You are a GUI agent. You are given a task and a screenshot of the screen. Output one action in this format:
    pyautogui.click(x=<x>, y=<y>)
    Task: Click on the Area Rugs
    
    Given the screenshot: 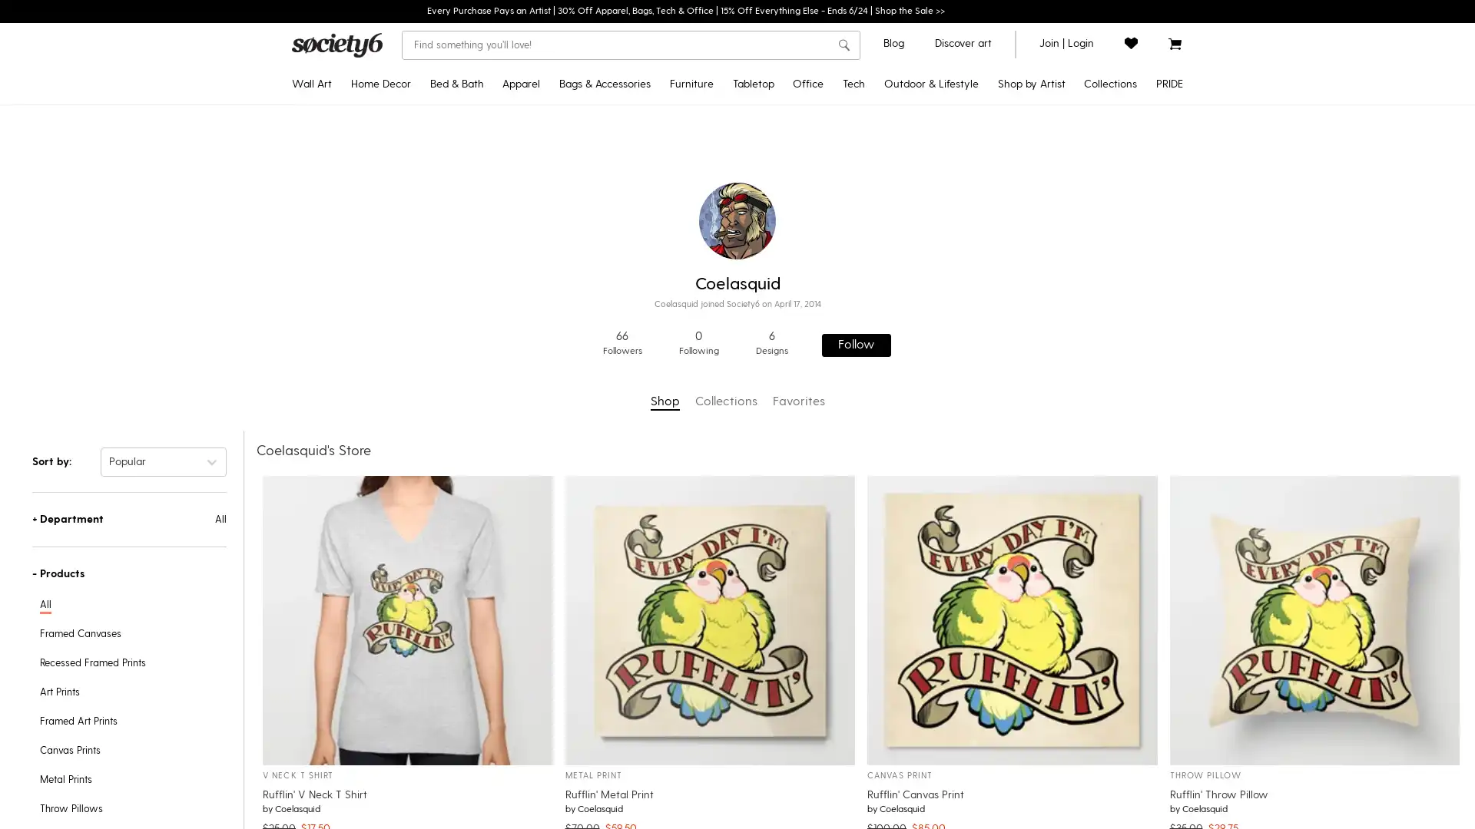 What is the action you would take?
    pyautogui.click(x=409, y=345)
    